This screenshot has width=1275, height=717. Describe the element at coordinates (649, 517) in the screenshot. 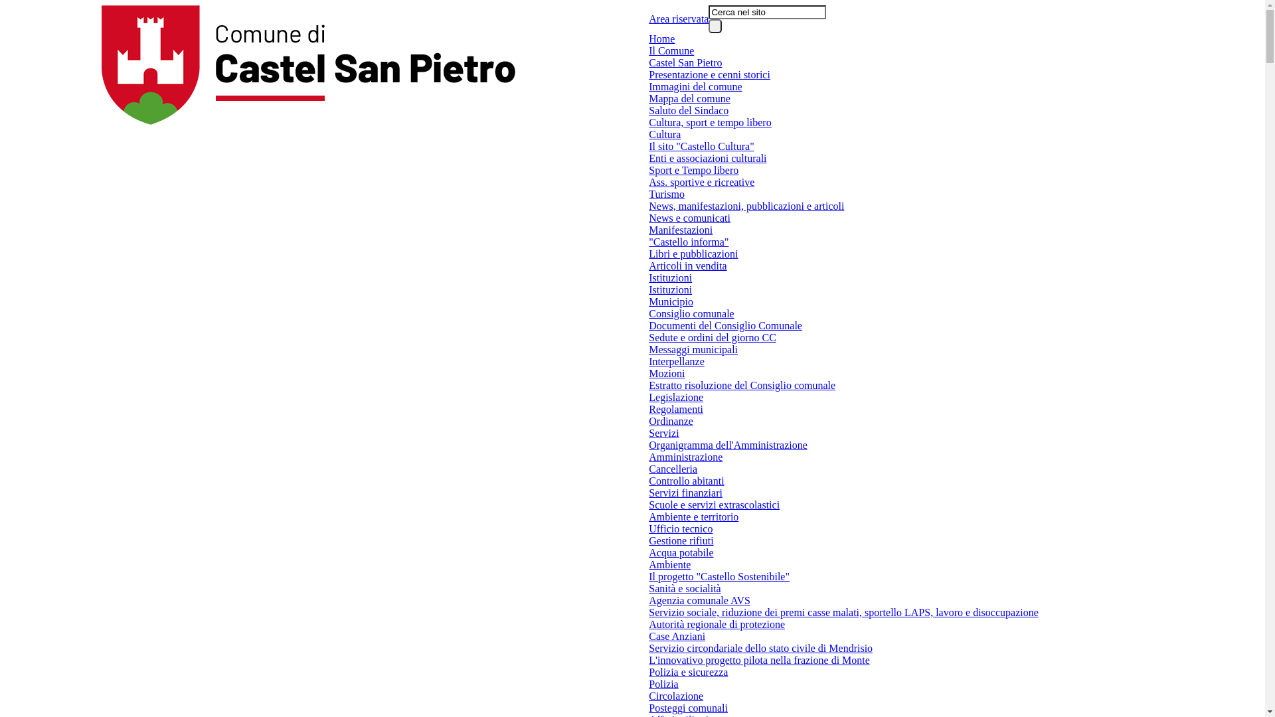

I see `'Ambiente e territorio'` at that location.